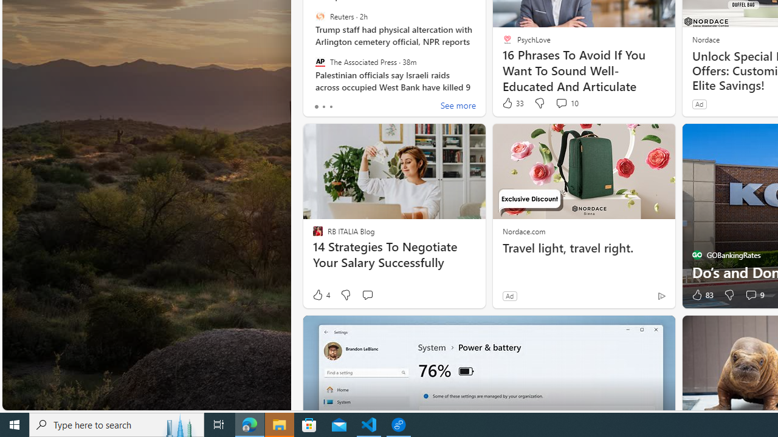 Image resolution: width=778 pixels, height=437 pixels. What do you see at coordinates (524, 231) in the screenshot?
I see `'Nordace.com'` at bounding box center [524, 231].